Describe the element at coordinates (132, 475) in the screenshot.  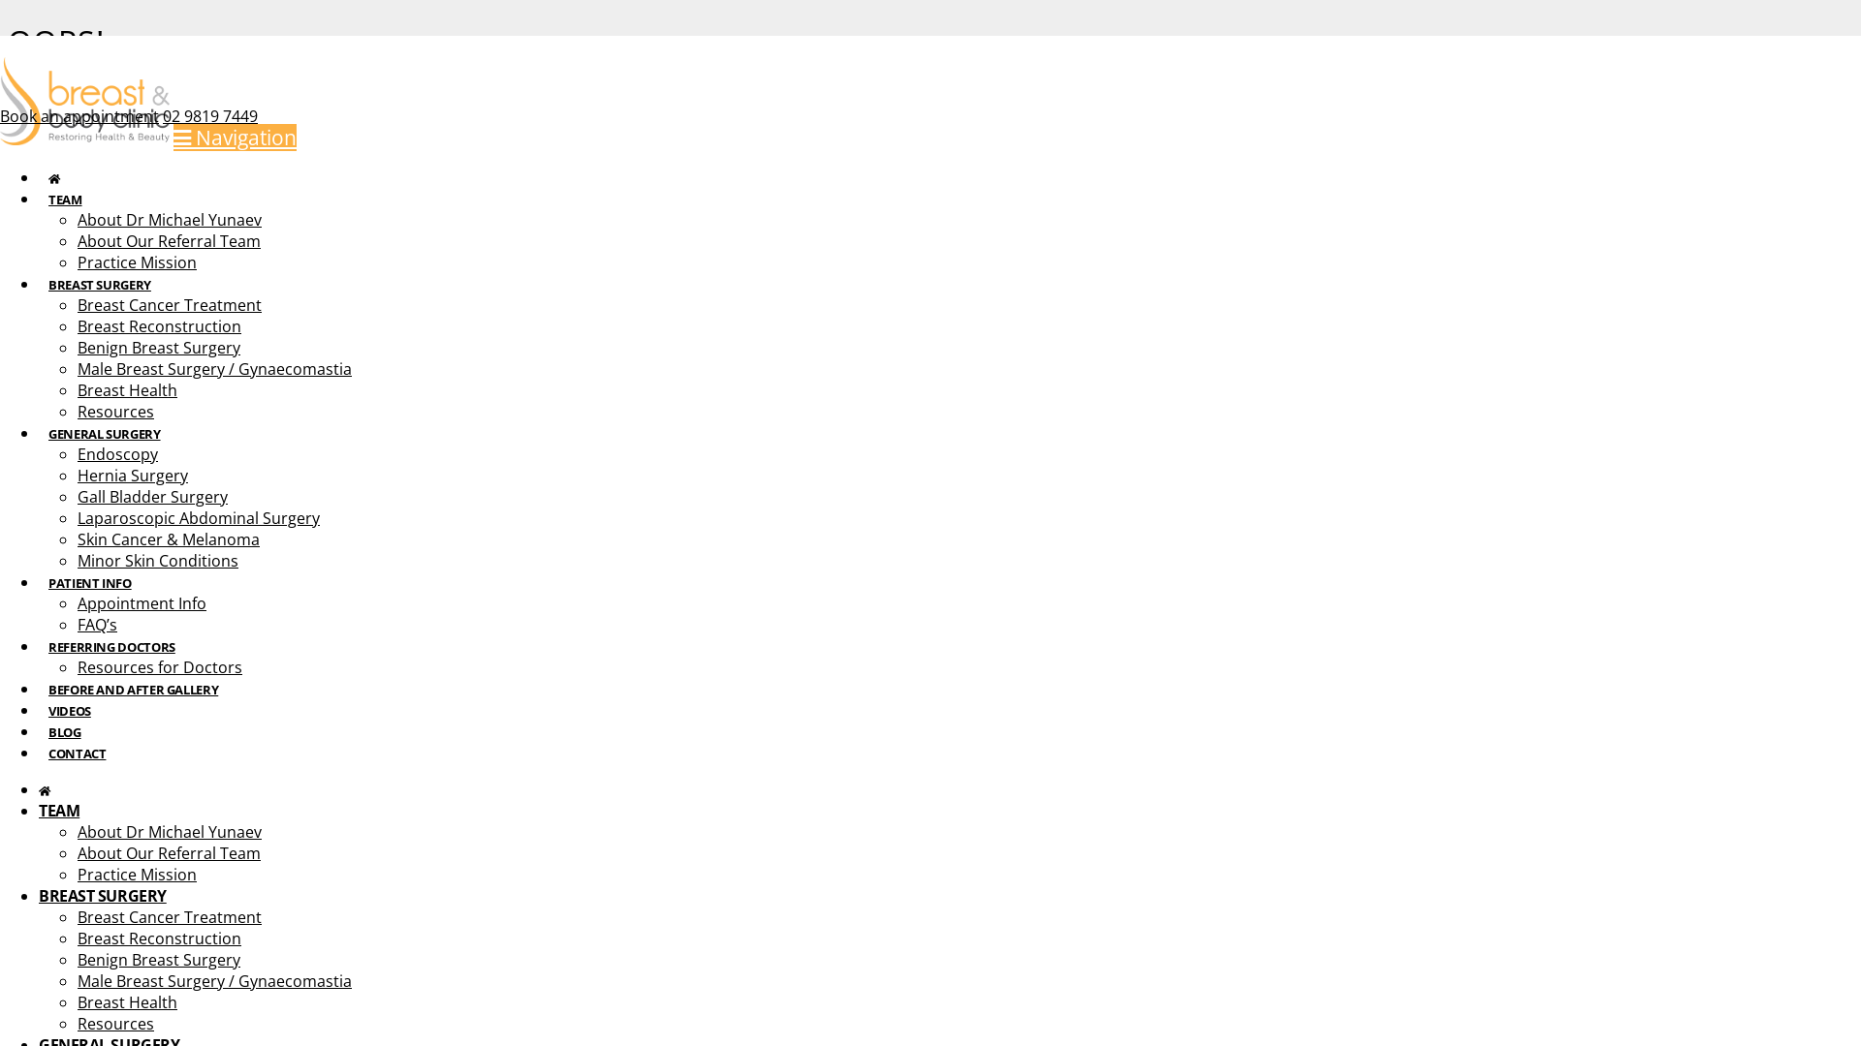
I see `'Hernia Surgery'` at that location.